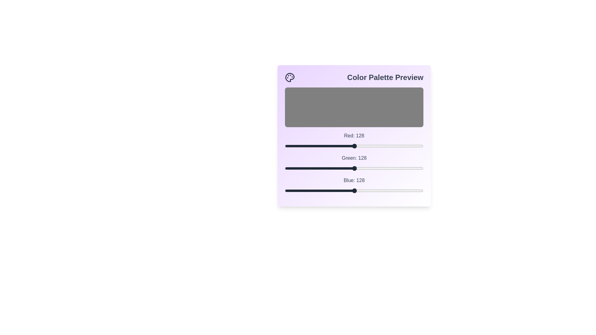 This screenshot has height=335, width=596. What do you see at coordinates (402, 168) in the screenshot?
I see `the green intensity` at bounding box center [402, 168].